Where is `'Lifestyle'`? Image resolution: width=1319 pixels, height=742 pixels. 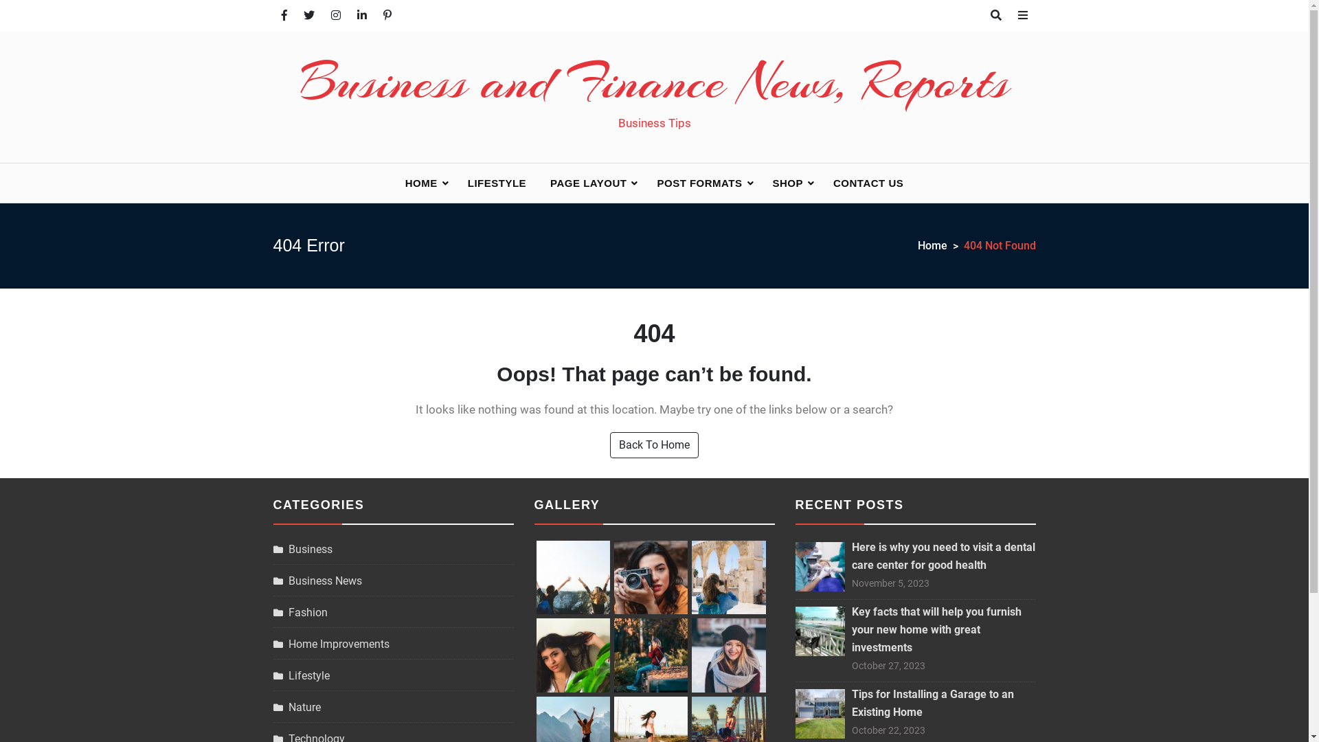 'Lifestyle' is located at coordinates (300, 675).